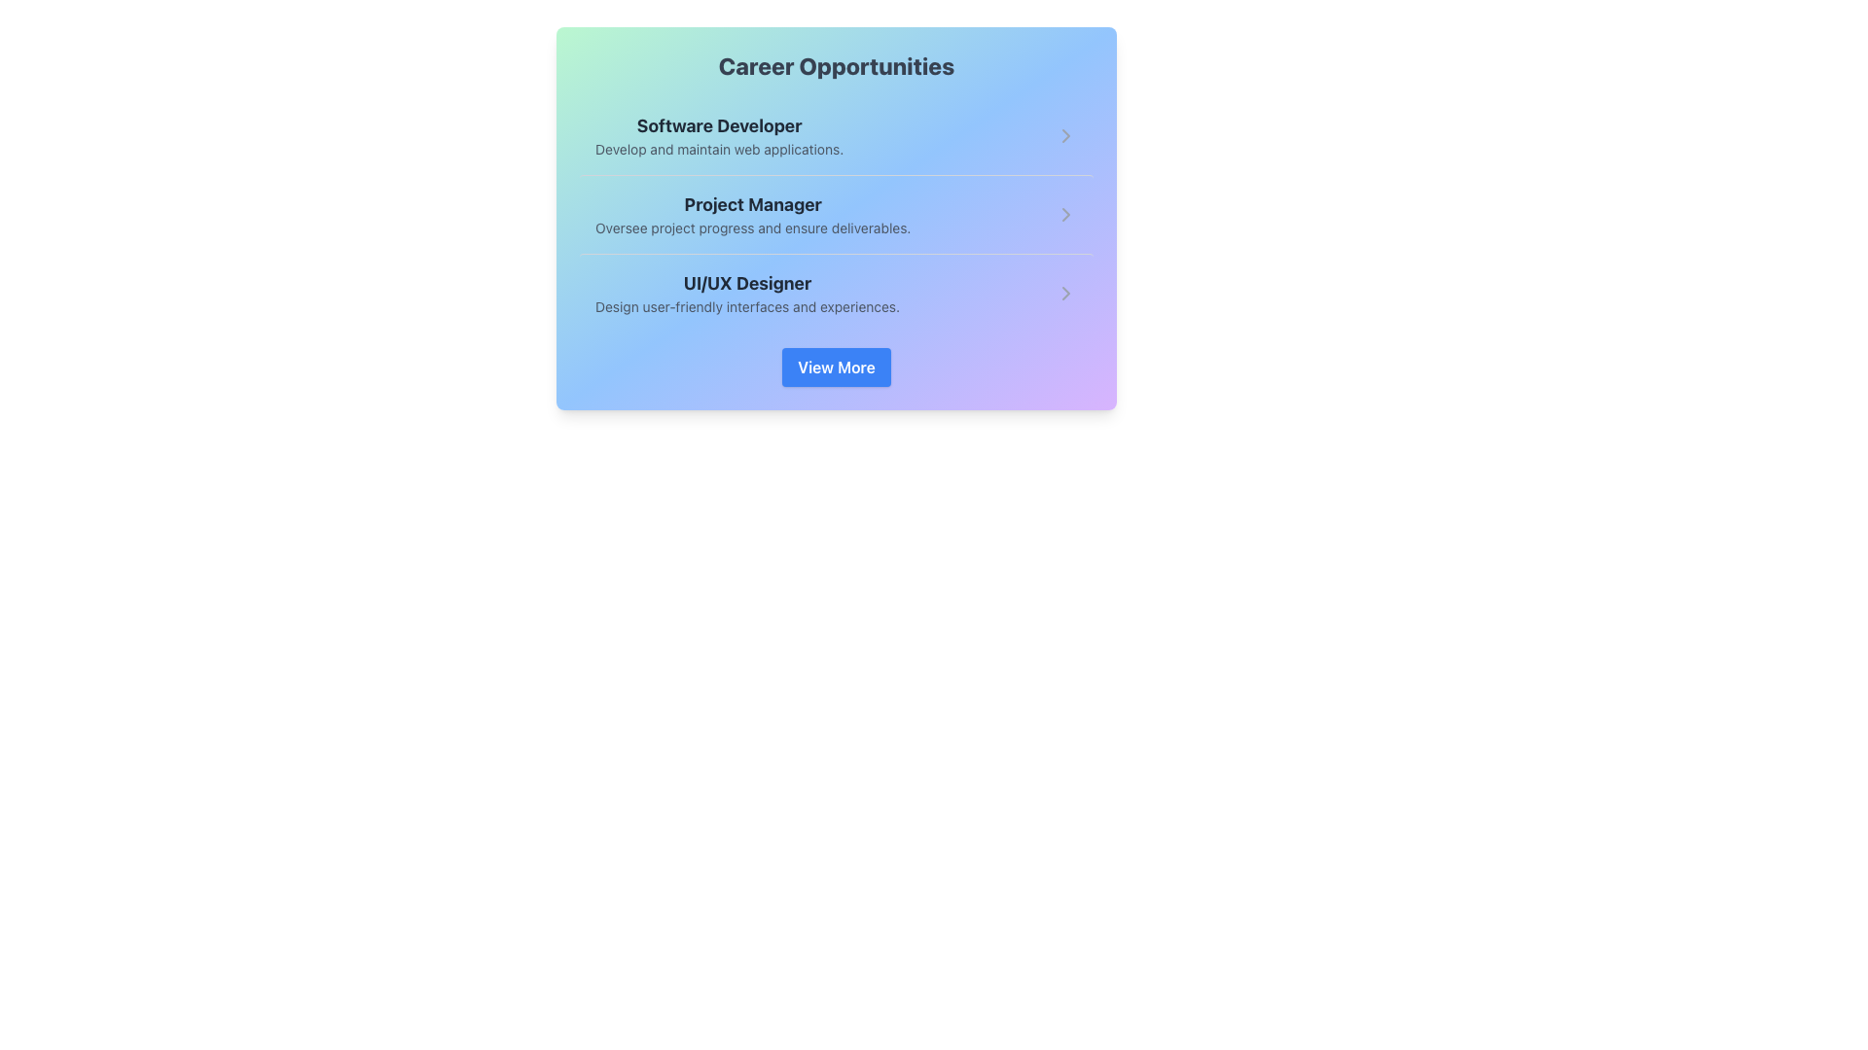 This screenshot has height=1050, width=1868. Describe the element at coordinates (746, 293) in the screenshot. I see `the Text Content Block that summarizes the UI/UX Designer career opportunity, which is the third entry in the list of career listings` at that location.